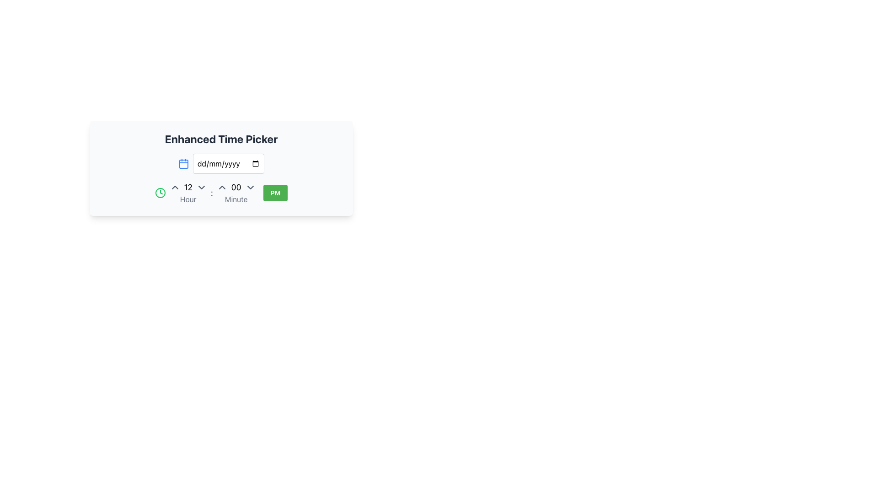 The height and width of the screenshot is (494, 878). What do you see at coordinates (187, 187) in the screenshot?
I see `the static text display that shows the currently selected hour in the time selection interface, located beneath the label 'Hour'` at bounding box center [187, 187].